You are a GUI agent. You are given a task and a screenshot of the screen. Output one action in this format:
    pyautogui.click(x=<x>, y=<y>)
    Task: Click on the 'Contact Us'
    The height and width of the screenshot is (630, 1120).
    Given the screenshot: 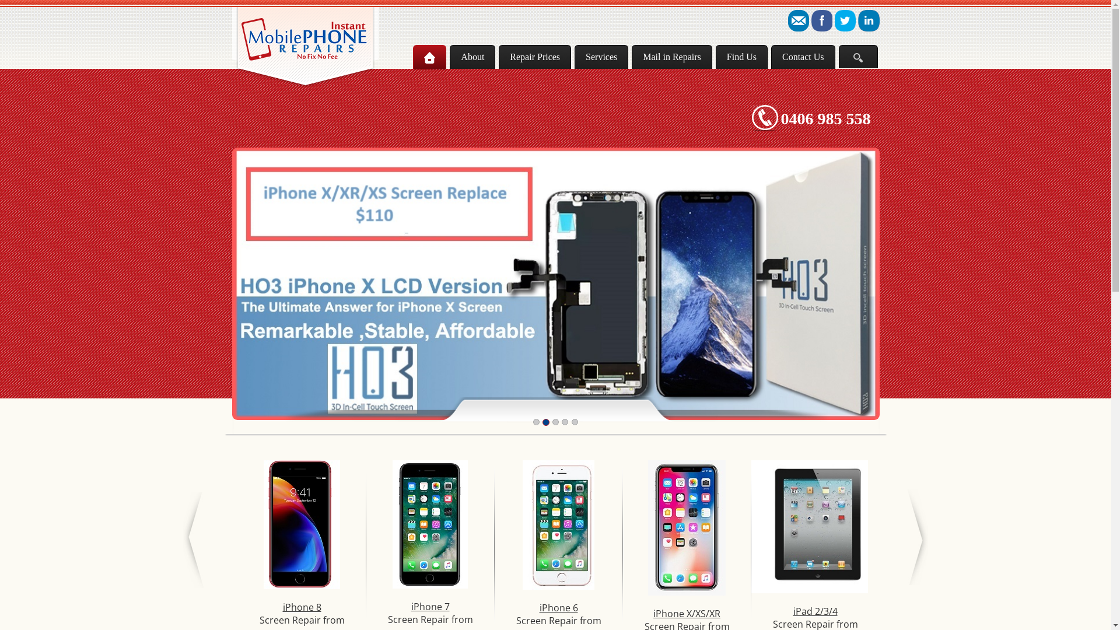 What is the action you would take?
    pyautogui.click(x=803, y=57)
    